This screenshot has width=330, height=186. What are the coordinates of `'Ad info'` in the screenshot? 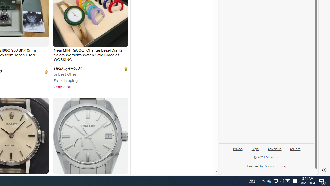 It's located at (295, 151).